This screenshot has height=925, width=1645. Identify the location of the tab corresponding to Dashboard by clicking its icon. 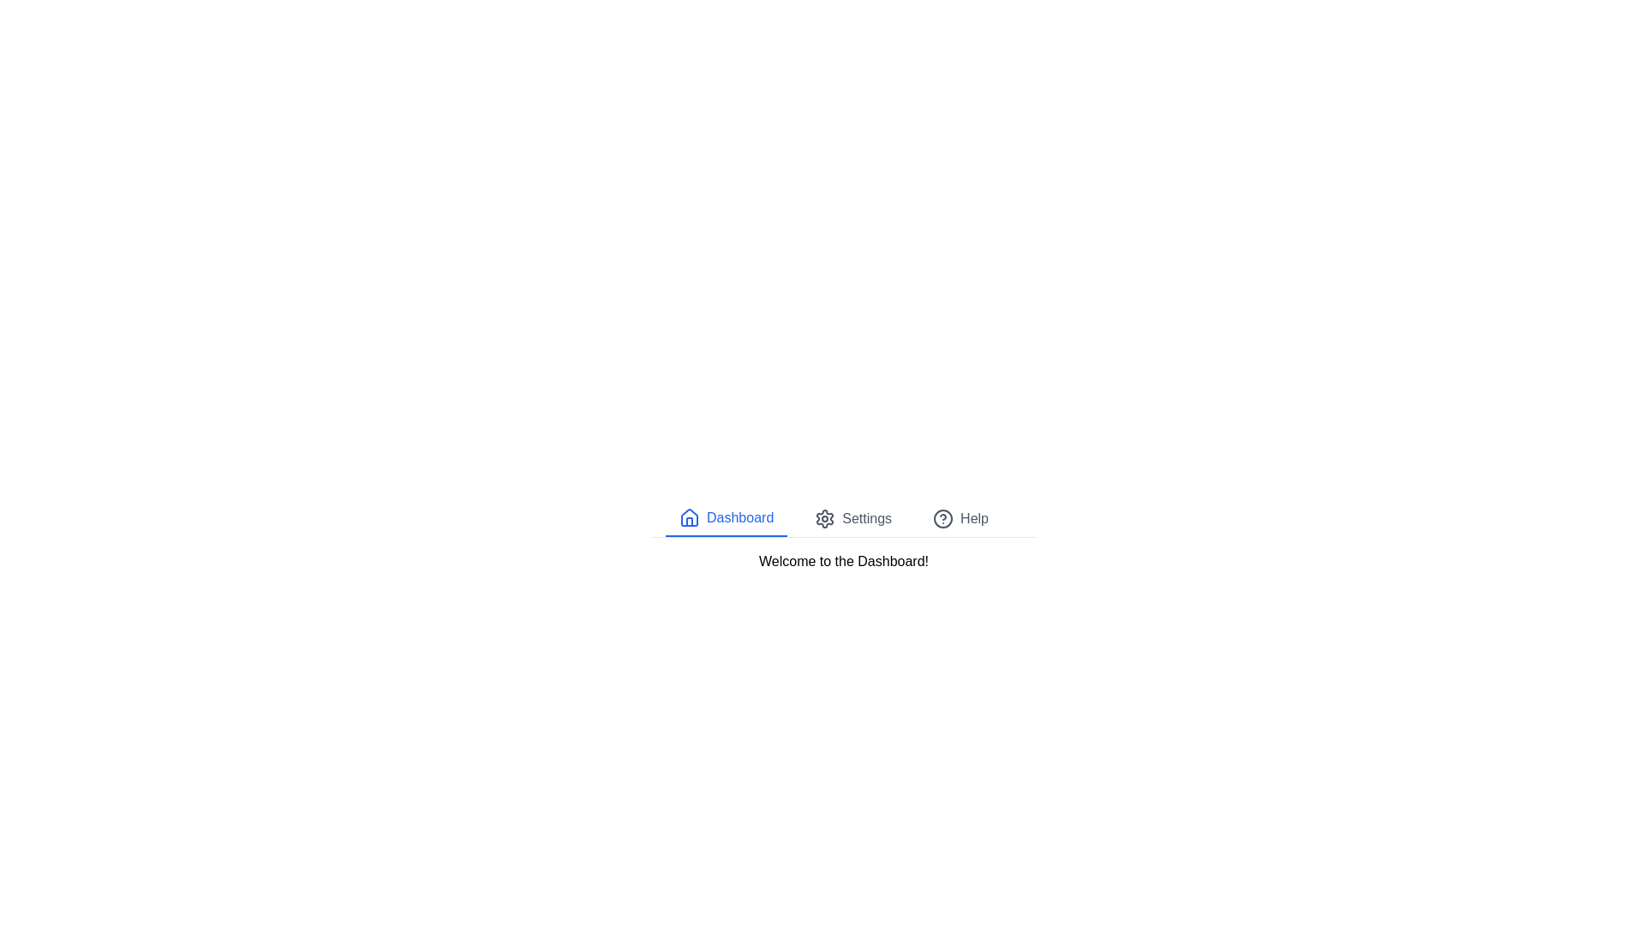
(690, 517).